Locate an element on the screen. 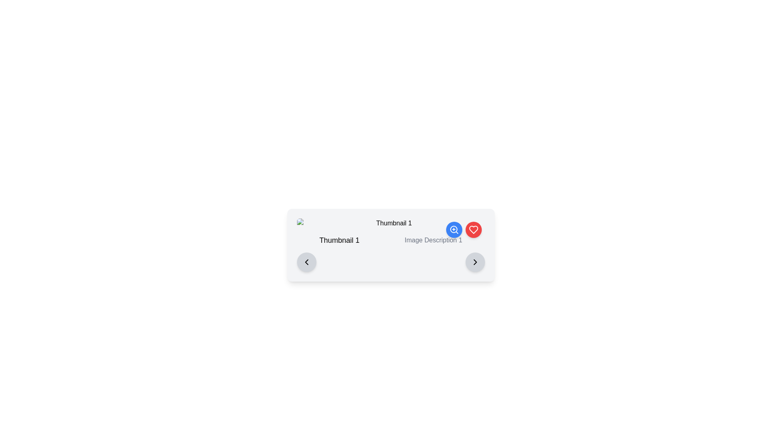  the indicator or button that serves as a focal point, located adjacent to a button with a heart icon is located at coordinates (453, 229).